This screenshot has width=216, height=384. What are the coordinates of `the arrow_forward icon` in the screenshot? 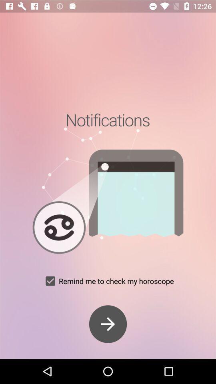 It's located at (108, 324).